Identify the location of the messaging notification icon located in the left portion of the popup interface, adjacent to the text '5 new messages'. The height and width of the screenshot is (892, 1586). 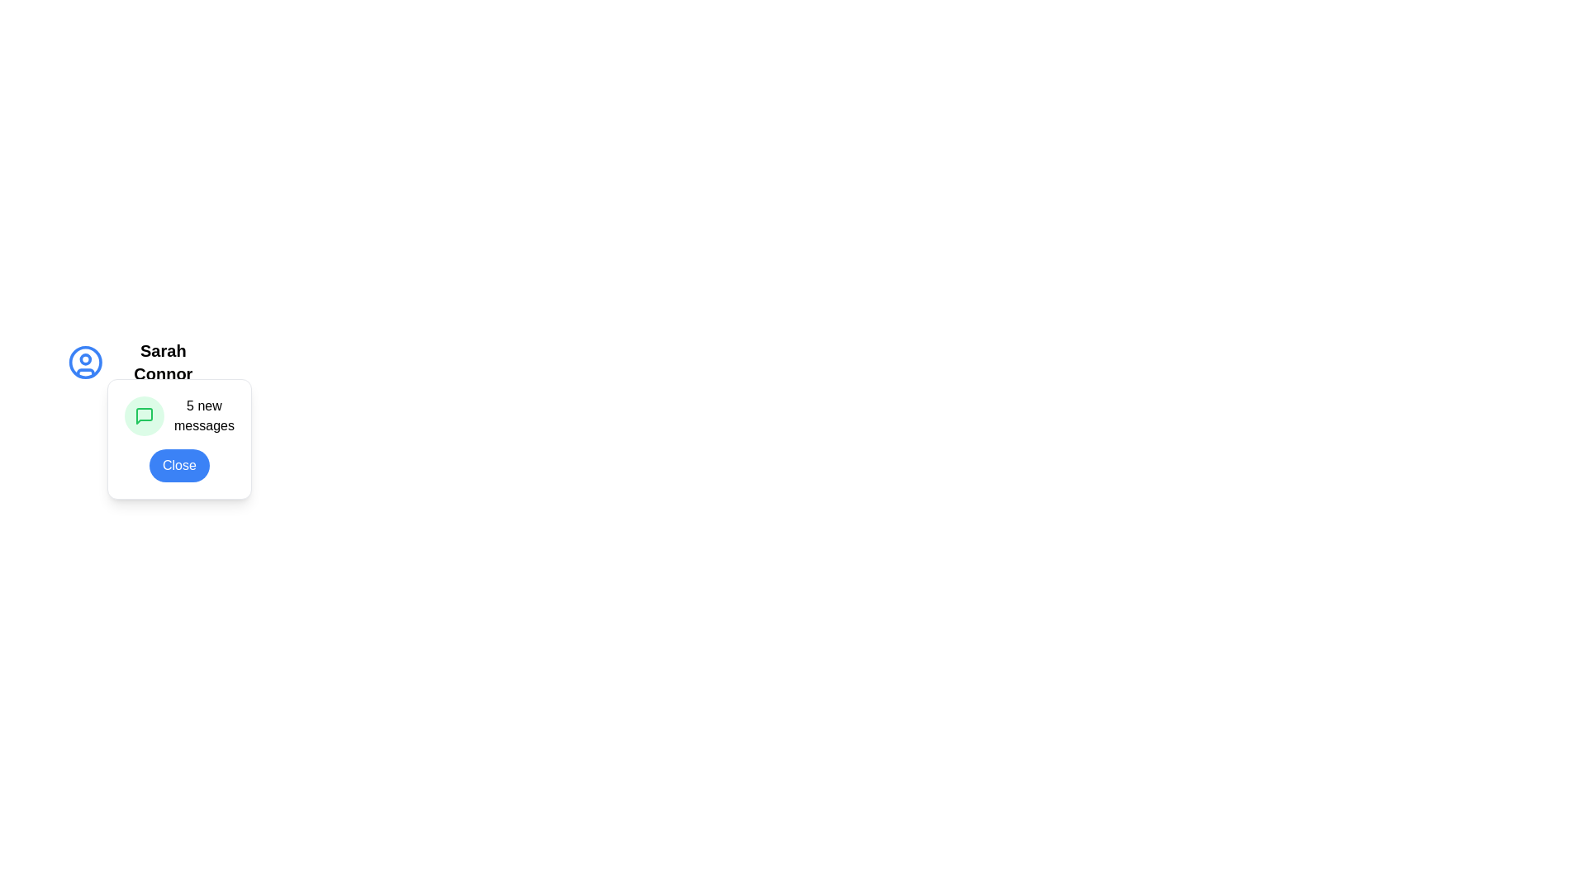
(144, 415).